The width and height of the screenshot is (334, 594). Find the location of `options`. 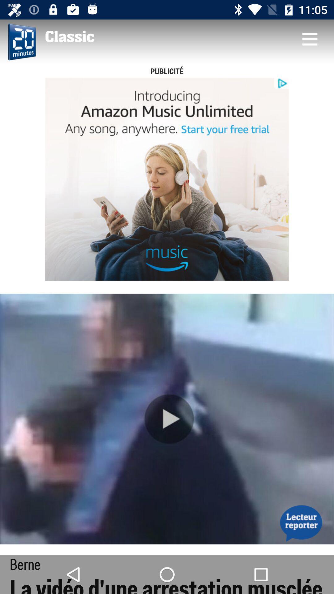

options is located at coordinates (310, 38).